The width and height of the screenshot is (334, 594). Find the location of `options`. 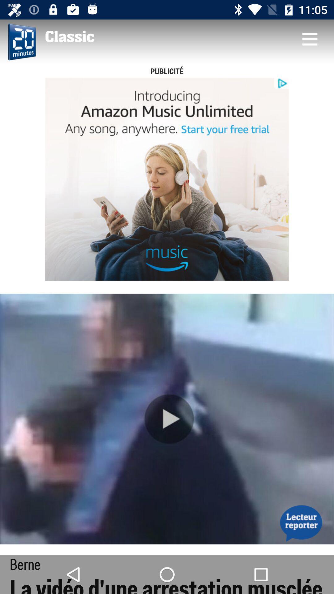

options is located at coordinates (310, 38).